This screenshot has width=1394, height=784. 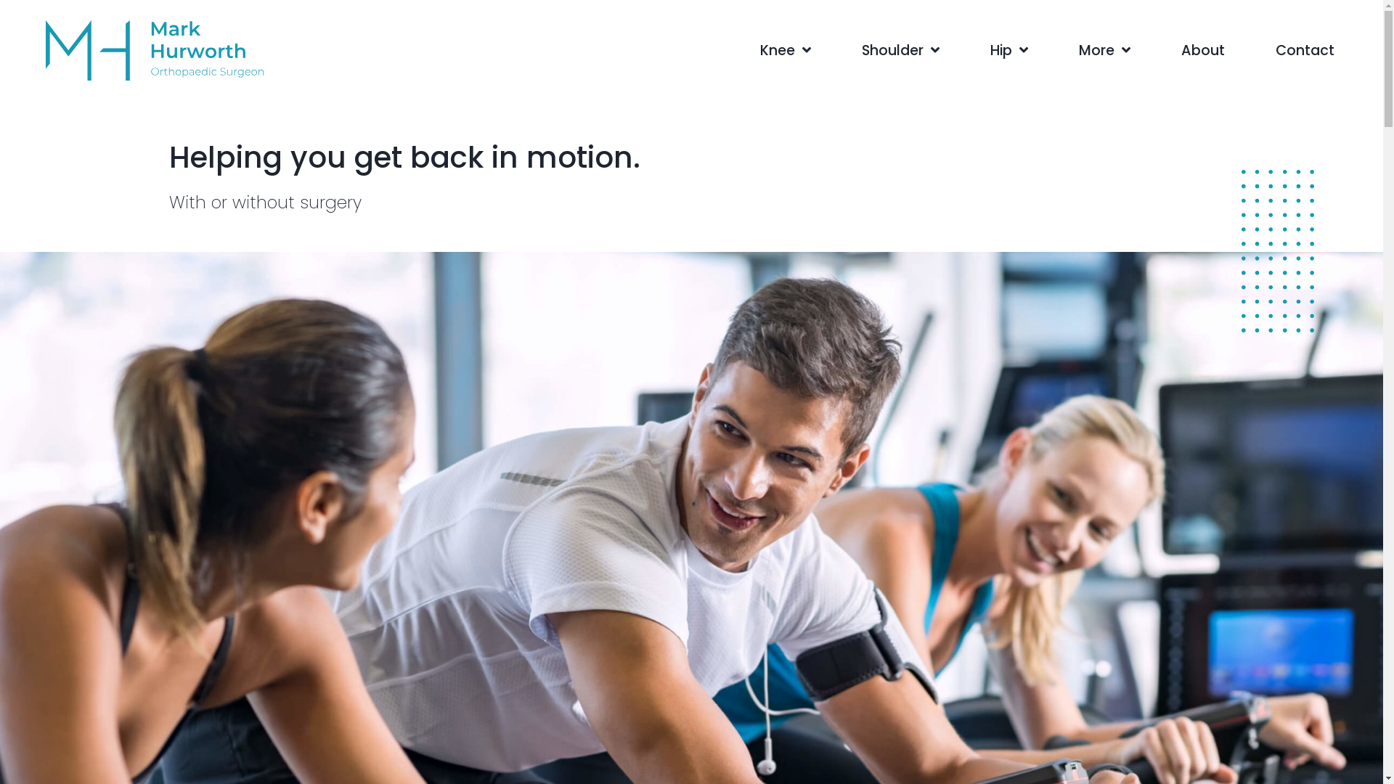 What do you see at coordinates (900, 49) in the screenshot?
I see `'Shoulder'` at bounding box center [900, 49].